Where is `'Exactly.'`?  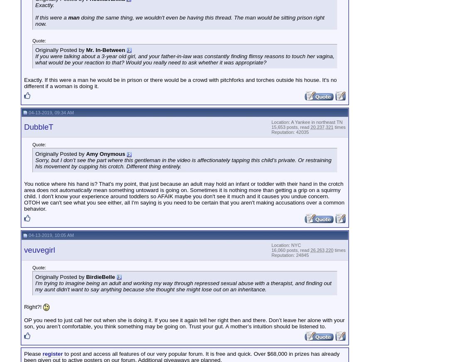 'Exactly.' is located at coordinates (35, 4).